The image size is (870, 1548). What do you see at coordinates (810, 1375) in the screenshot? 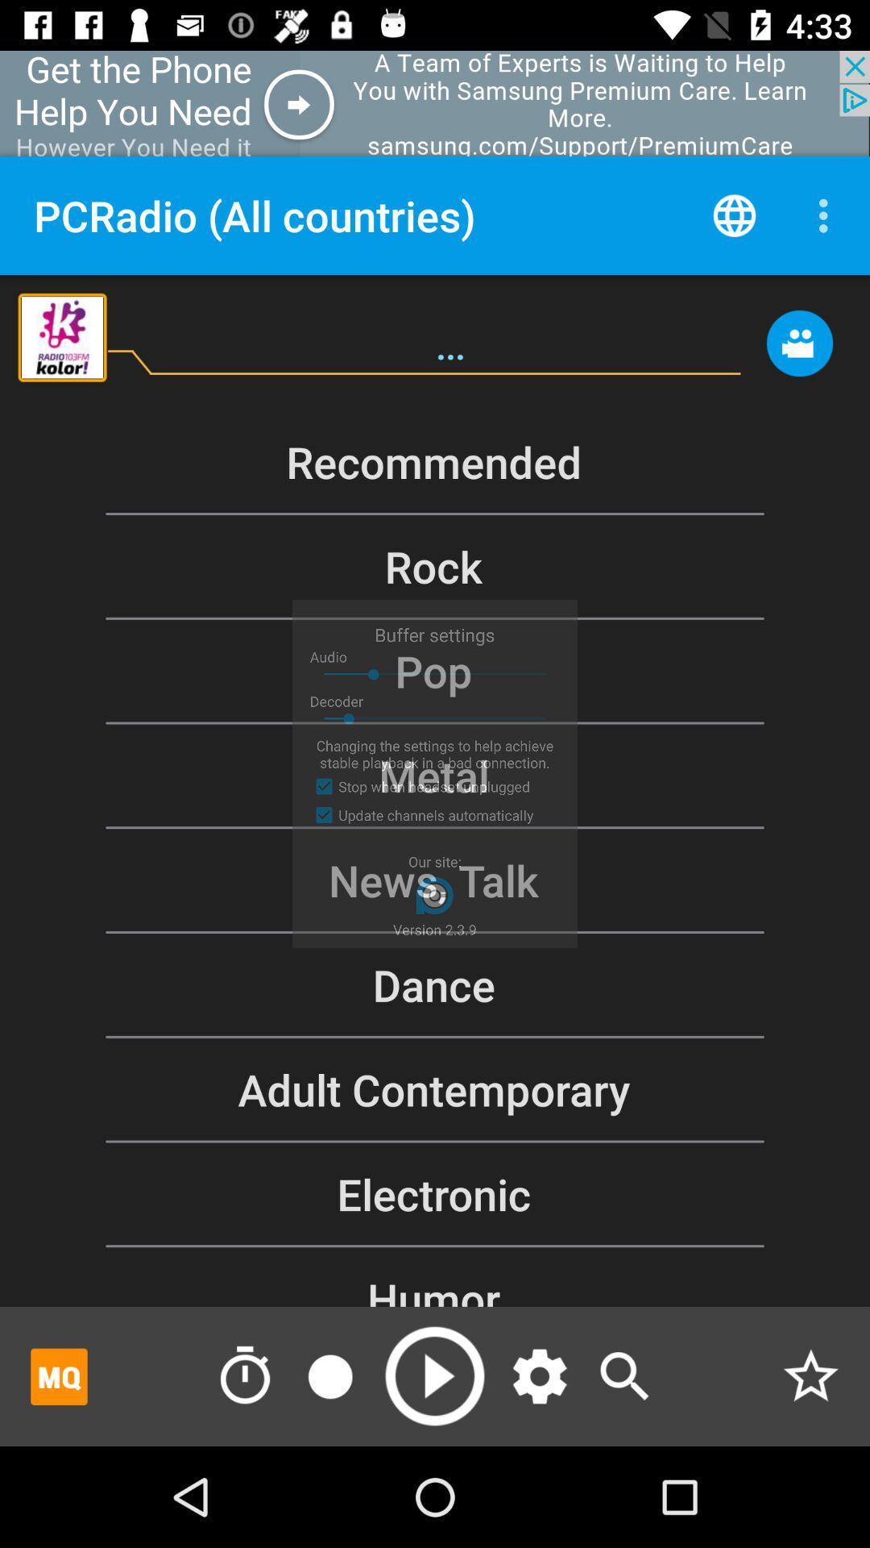
I see `favourite` at bounding box center [810, 1375].